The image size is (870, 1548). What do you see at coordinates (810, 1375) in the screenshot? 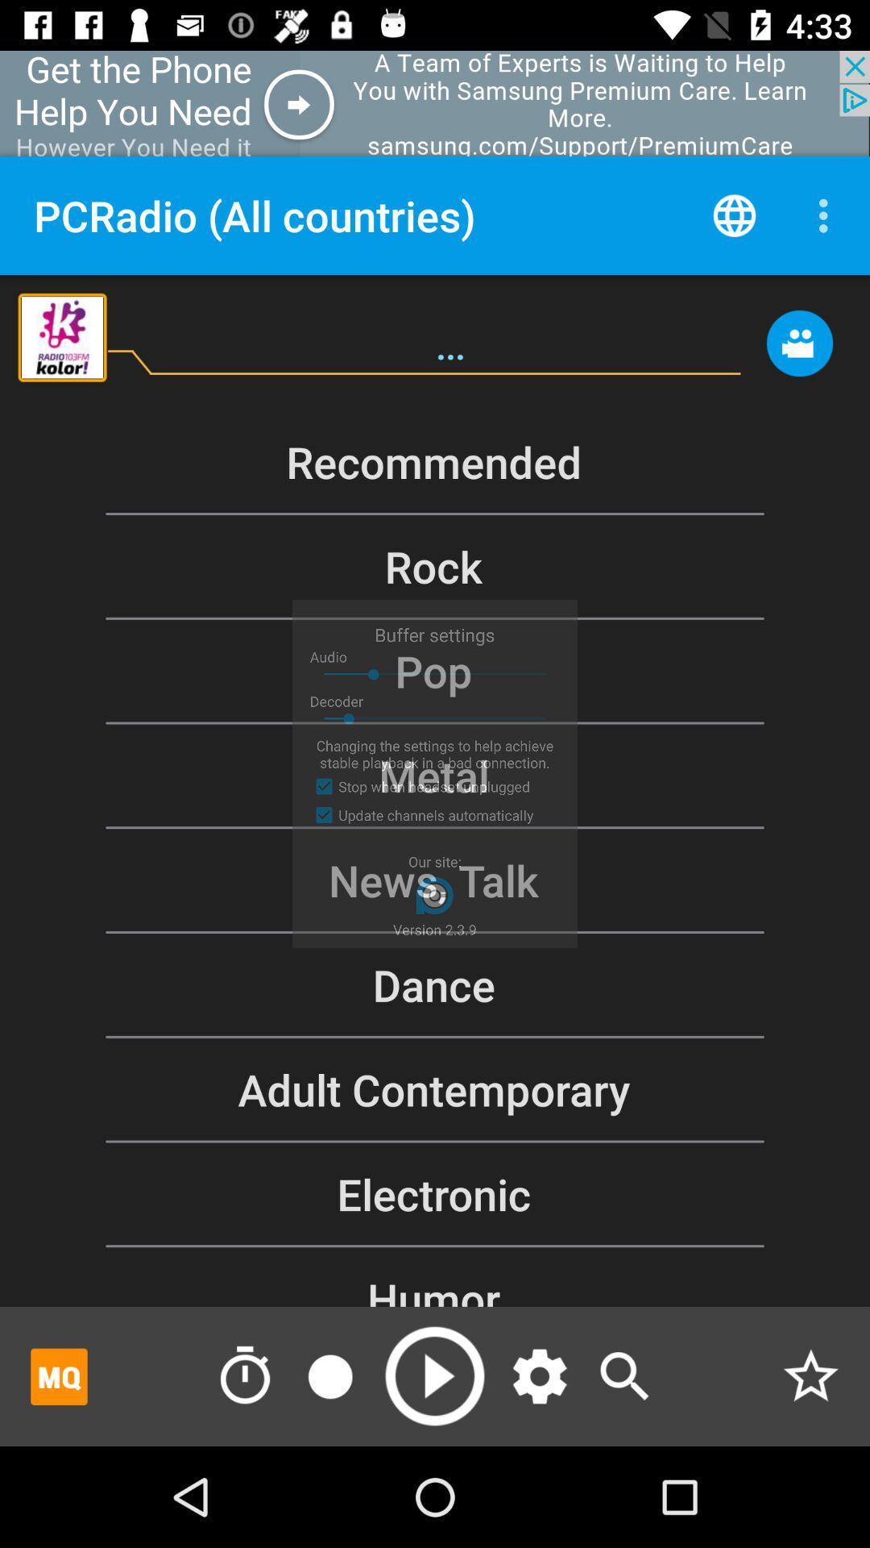
I see `favourite` at bounding box center [810, 1375].